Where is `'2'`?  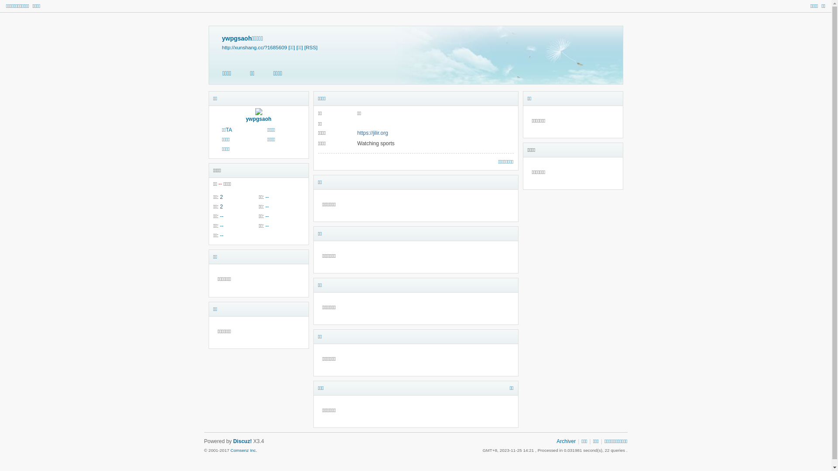
'2' is located at coordinates (221, 207).